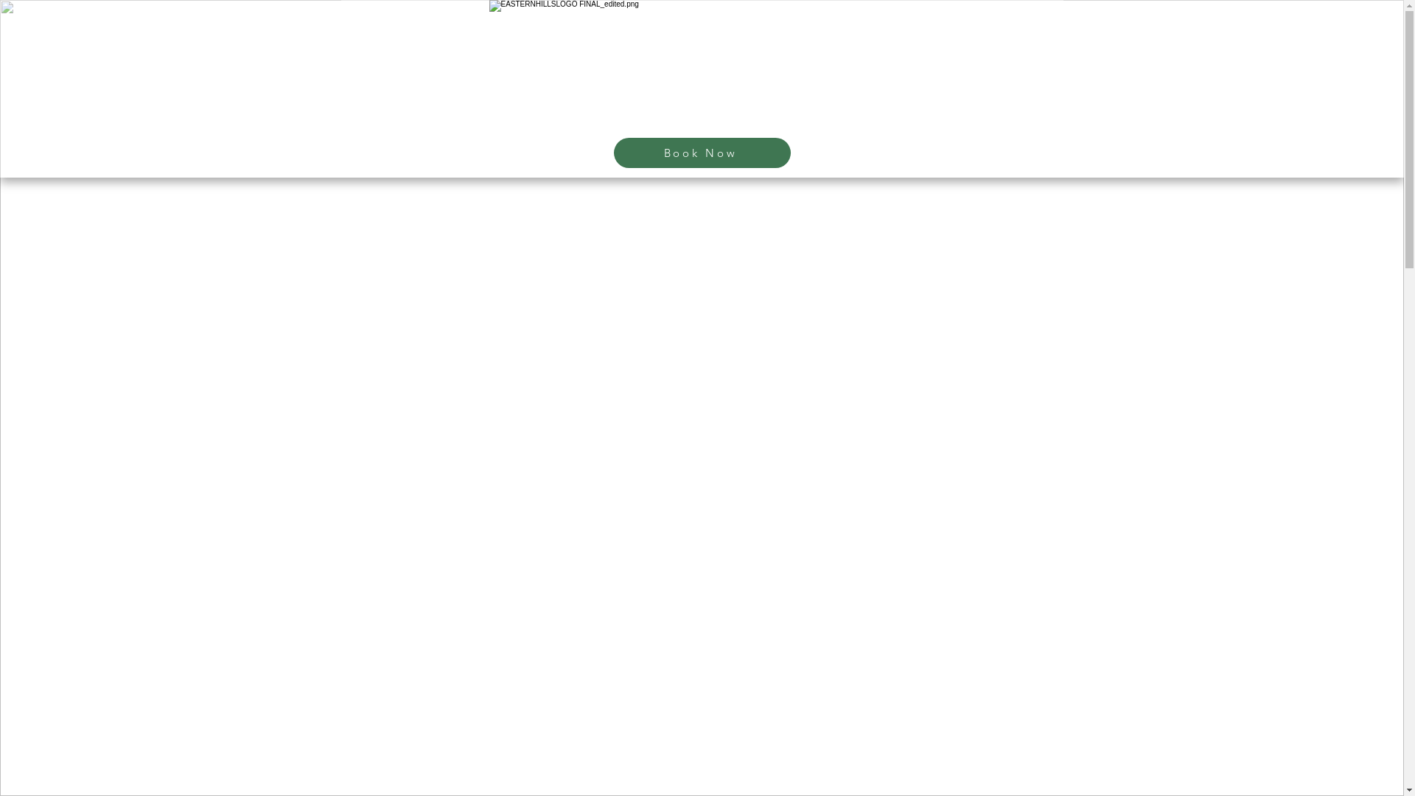 The height and width of the screenshot is (796, 1415). What do you see at coordinates (700, 153) in the screenshot?
I see `'Book Now'` at bounding box center [700, 153].